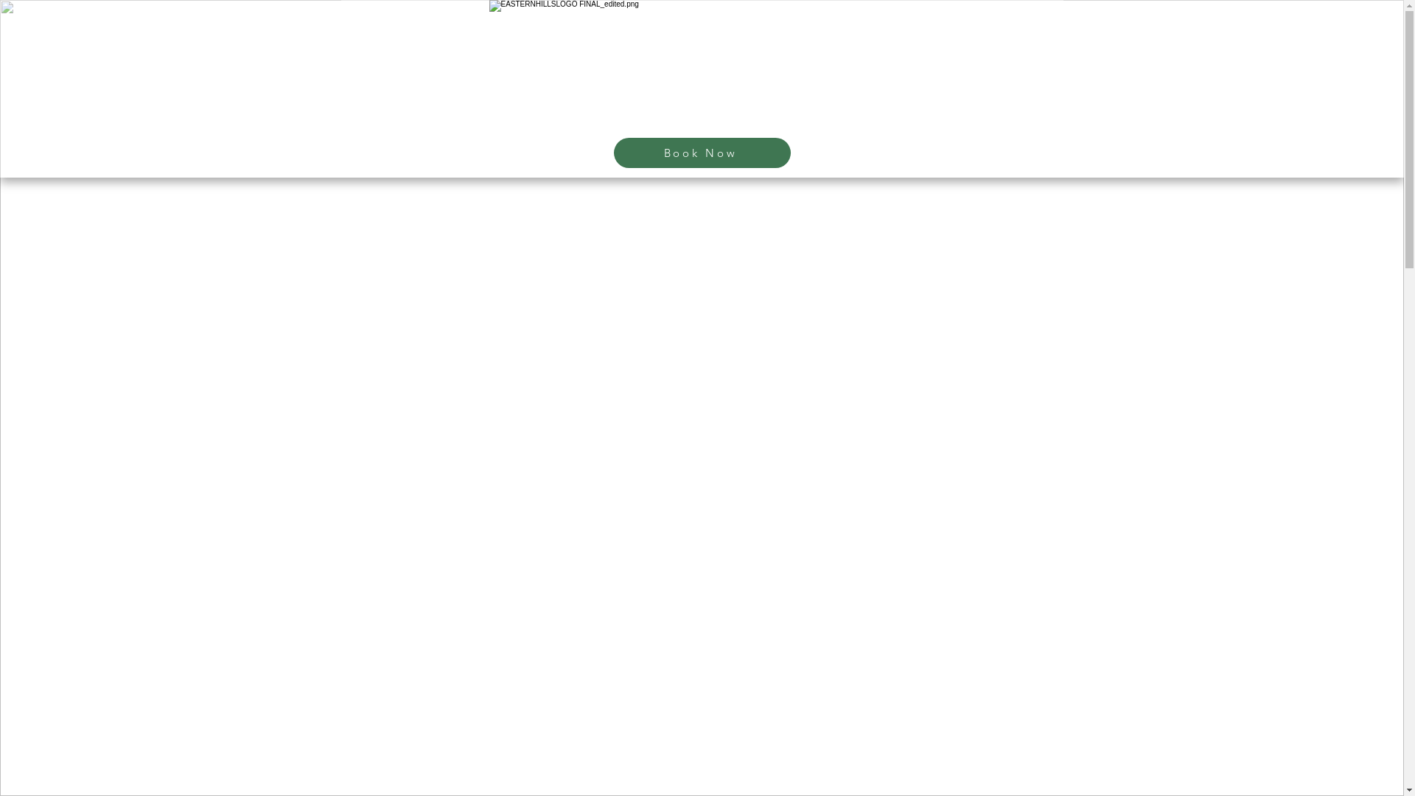 The height and width of the screenshot is (796, 1415). What do you see at coordinates (700, 153) in the screenshot?
I see `'Book Now'` at bounding box center [700, 153].